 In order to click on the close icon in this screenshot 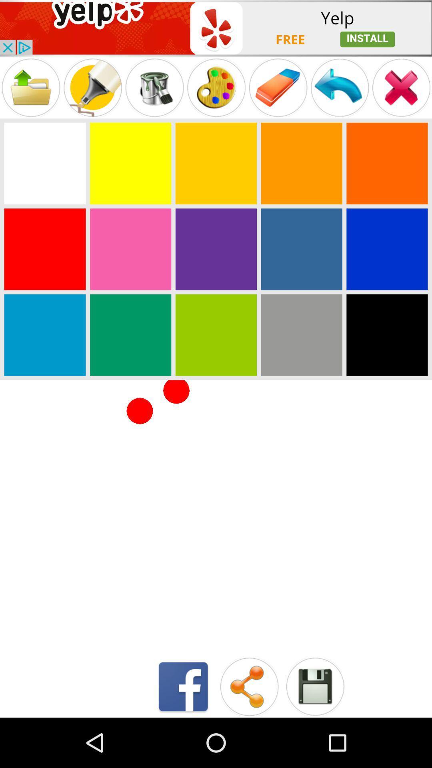, I will do `click(401, 94)`.